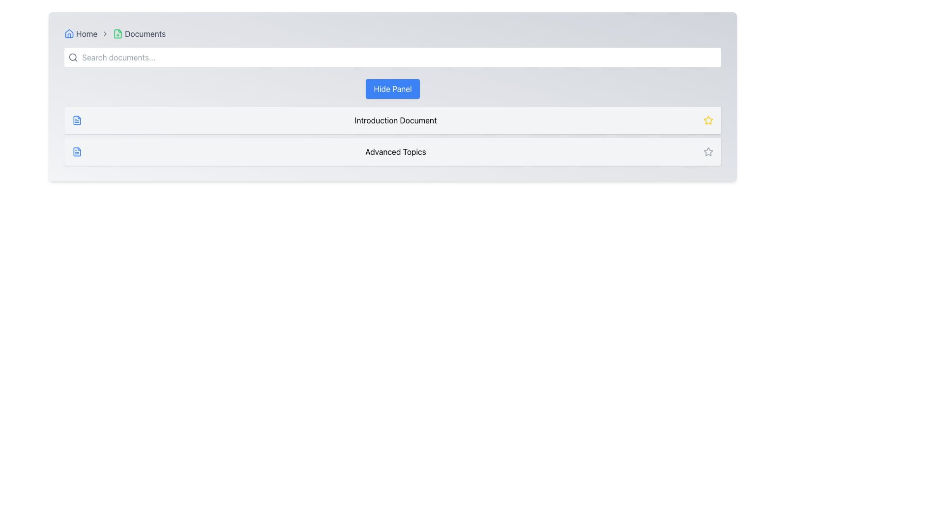 Image resolution: width=944 pixels, height=531 pixels. Describe the element at coordinates (77, 151) in the screenshot. I see `the document functionalities icon located at the leftmost part of the second row, aligned with the 'Advanced Topics' text` at that location.